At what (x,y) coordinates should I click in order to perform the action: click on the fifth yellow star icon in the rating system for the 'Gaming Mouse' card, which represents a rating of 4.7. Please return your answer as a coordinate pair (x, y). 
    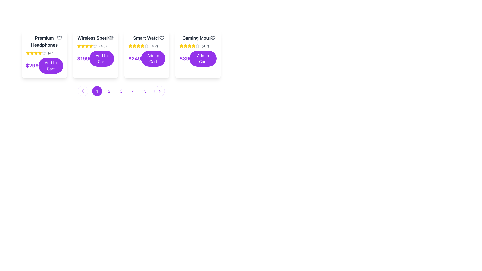
    Looking at the image, I should click on (189, 46).